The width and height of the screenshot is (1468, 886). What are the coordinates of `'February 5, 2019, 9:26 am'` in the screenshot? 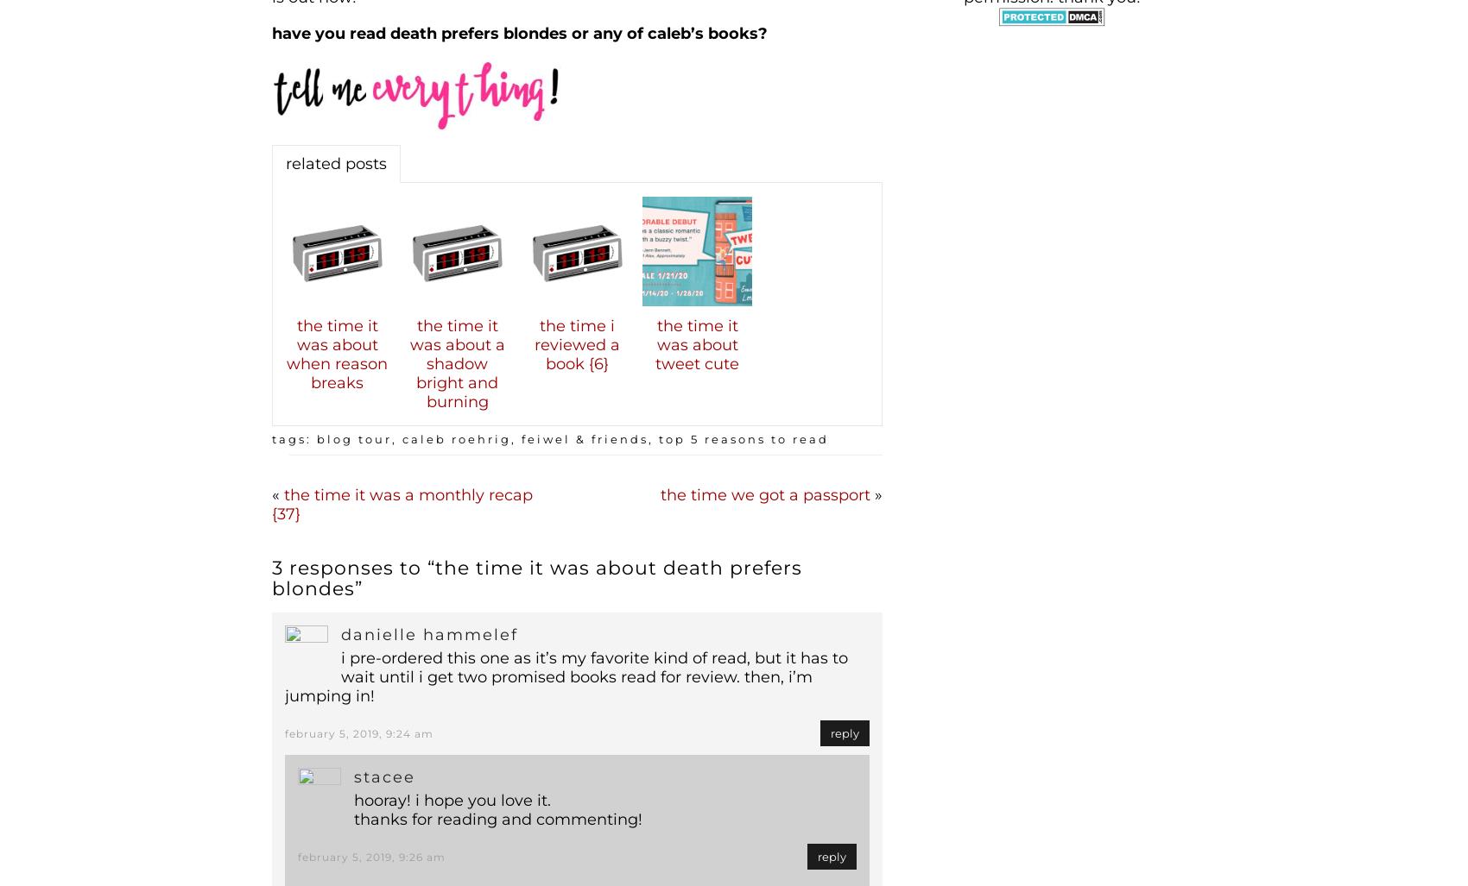 It's located at (371, 855).